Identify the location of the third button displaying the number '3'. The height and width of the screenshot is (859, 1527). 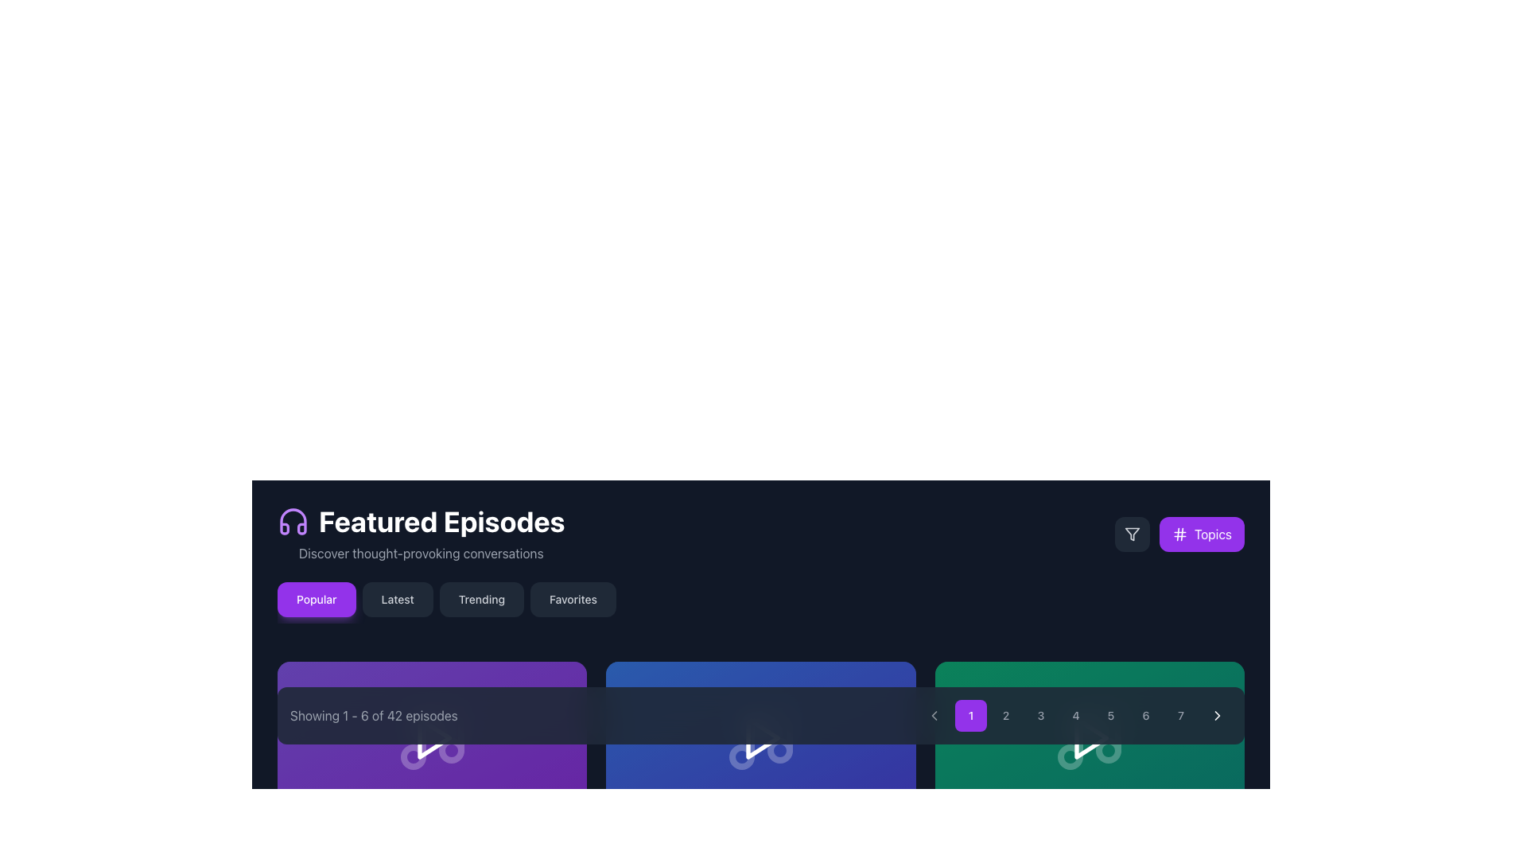
(1041, 714).